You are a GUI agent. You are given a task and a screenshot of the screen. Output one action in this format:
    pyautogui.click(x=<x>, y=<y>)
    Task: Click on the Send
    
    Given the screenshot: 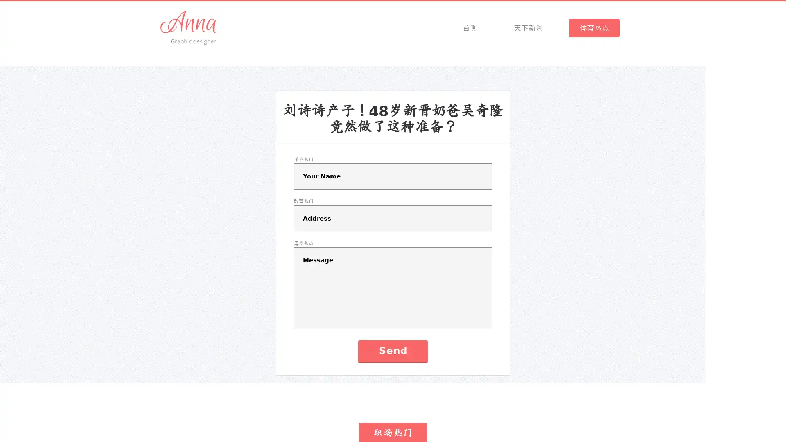 What is the action you would take?
    pyautogui.click(x=392, y=350)
    